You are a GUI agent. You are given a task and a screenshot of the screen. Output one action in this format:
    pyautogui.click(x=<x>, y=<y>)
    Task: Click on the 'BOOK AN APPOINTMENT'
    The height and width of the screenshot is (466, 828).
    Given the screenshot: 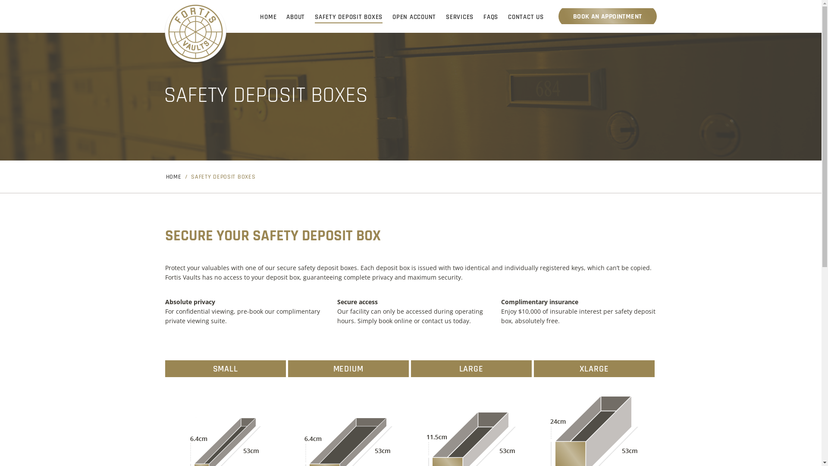 What is the action you would take?
    pyautogui.click(x=607, y=16)
    